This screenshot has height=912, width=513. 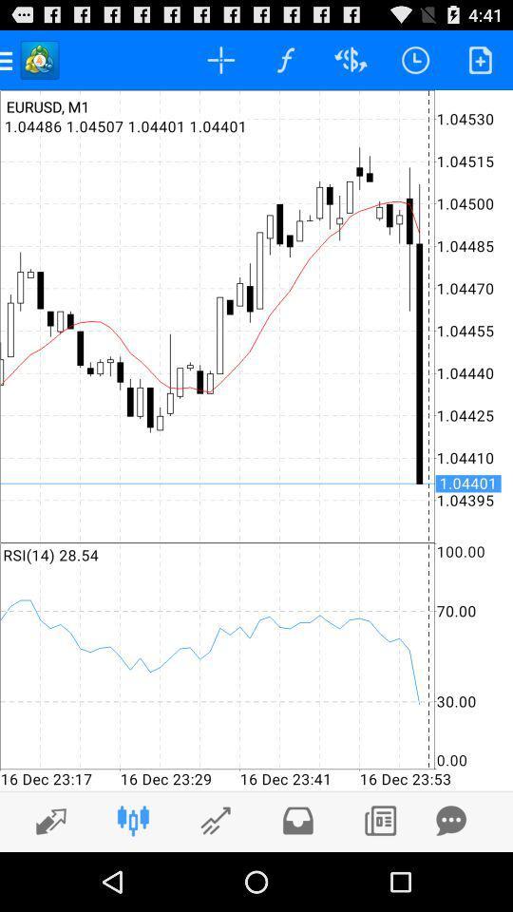 I want to click on copy icon, so click(x=380, y=820).